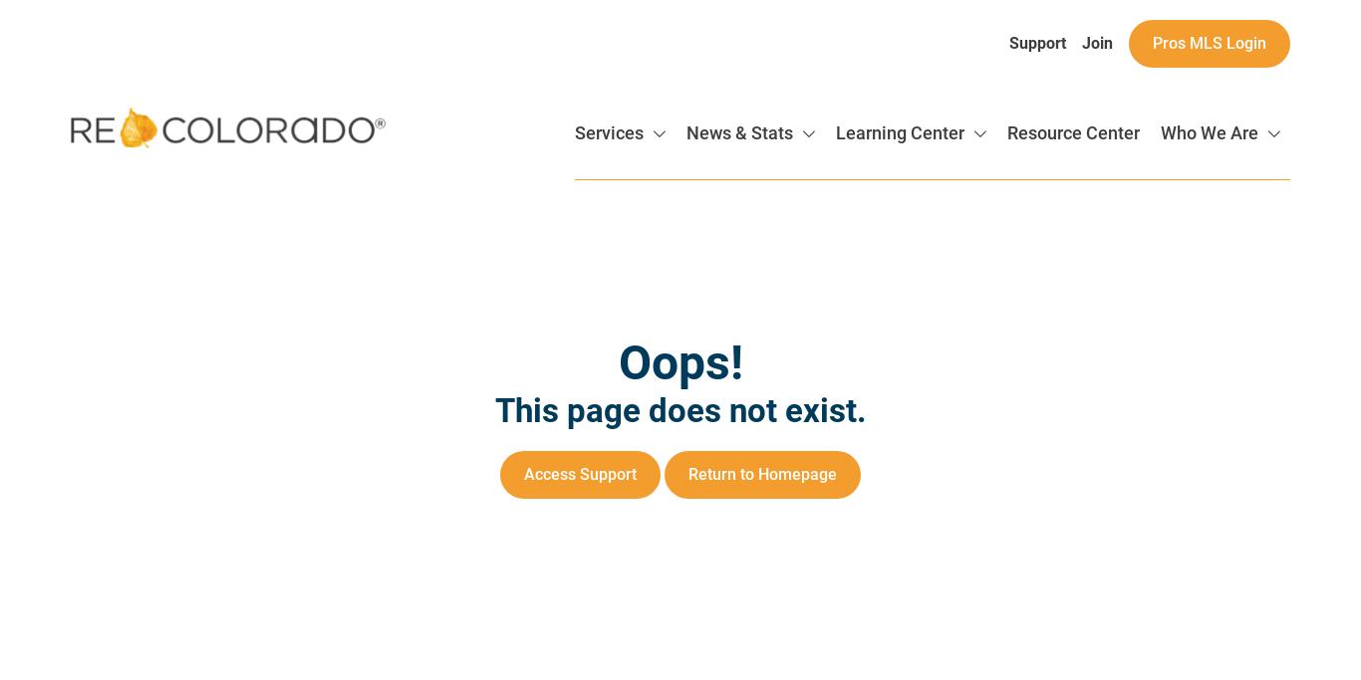 Image resolution: width=1361 pixels, height=680 pixels. What do you see at coordinates (1133, 450) in the screenshot?
I see `'Customization'` at bounding box center [1133, 450].